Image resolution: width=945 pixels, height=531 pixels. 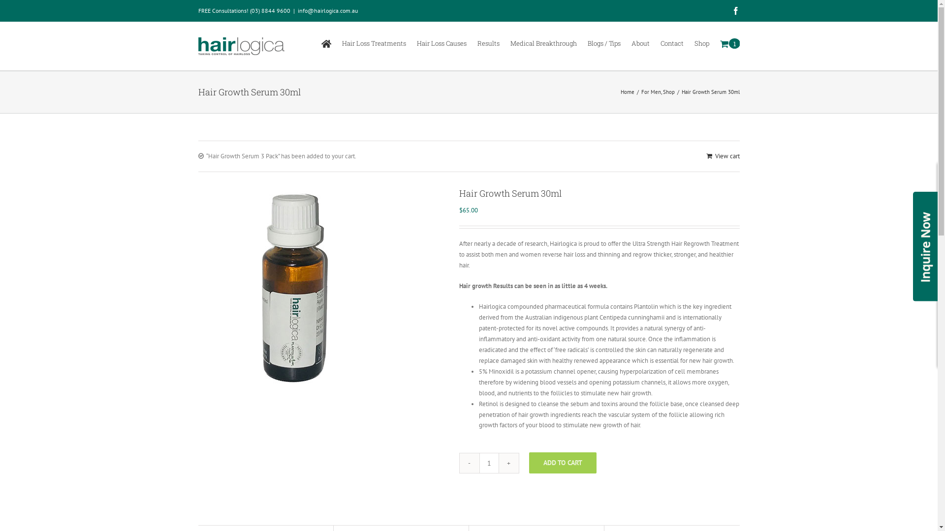 I want to click on 'Facebook', so click(x=735, y=11).